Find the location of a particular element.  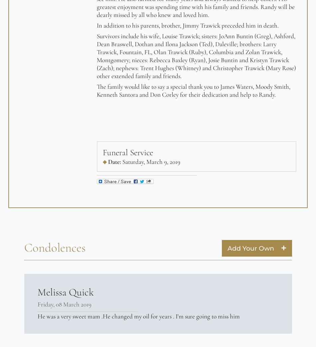

'Friday, 08 March 2019' is located at coordinates (37, 303).